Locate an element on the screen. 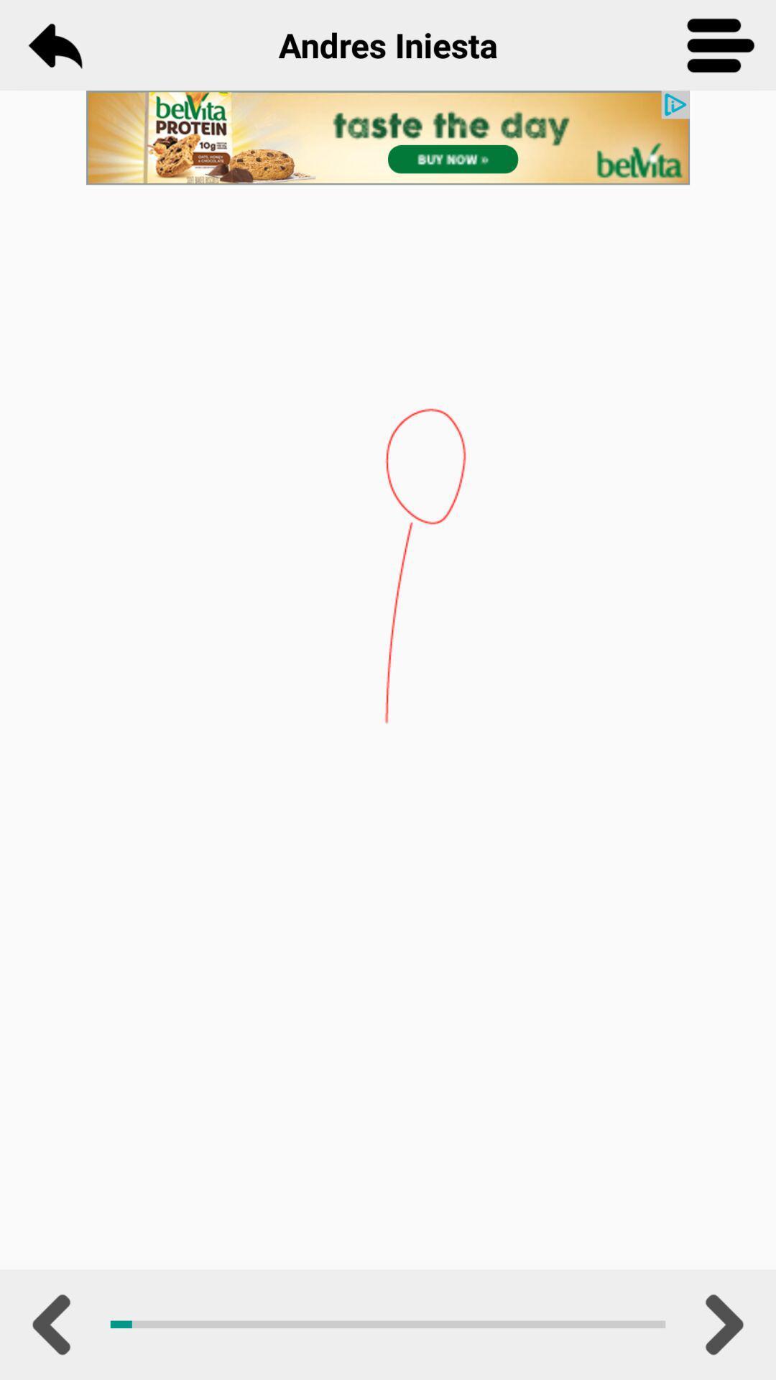 The height and width of the screenshot is (1380, 776). the arrow_backward icon is located at coordinates (54, 1324).